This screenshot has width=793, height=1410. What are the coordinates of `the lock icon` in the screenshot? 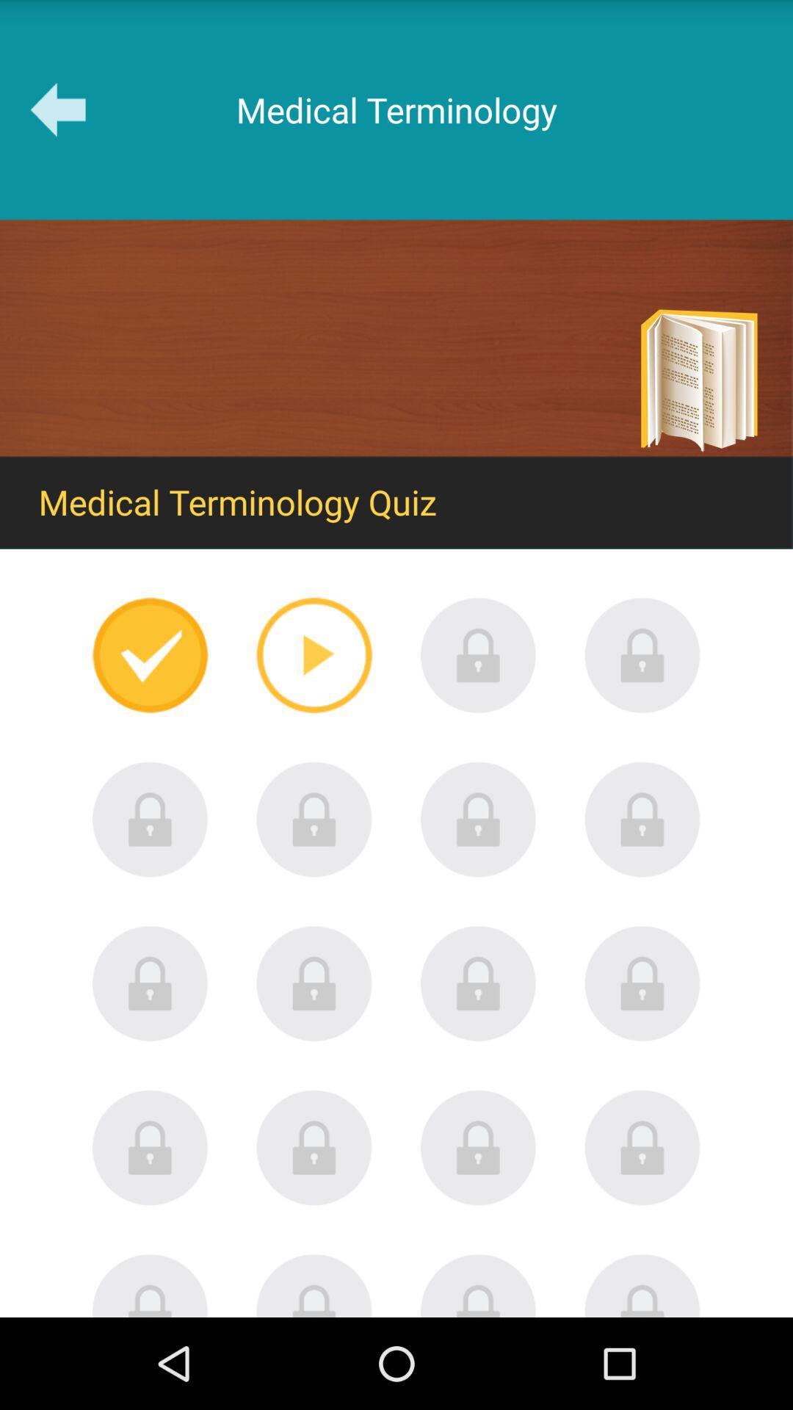 It's located at (642, 1228).